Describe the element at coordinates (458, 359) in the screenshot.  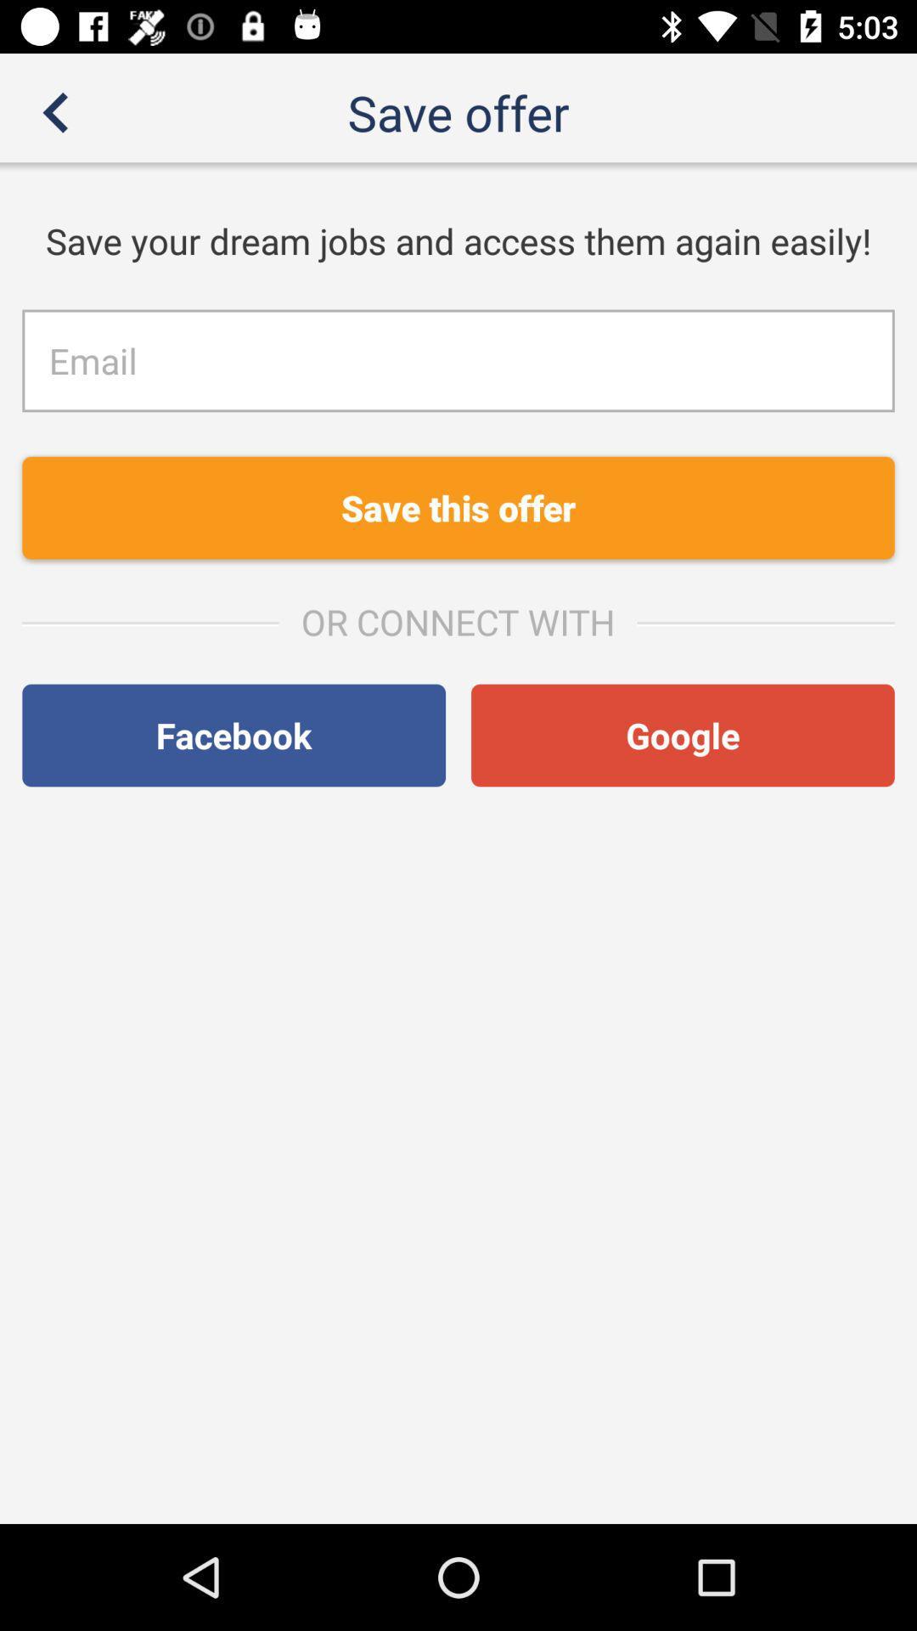
I see `email` at that location.